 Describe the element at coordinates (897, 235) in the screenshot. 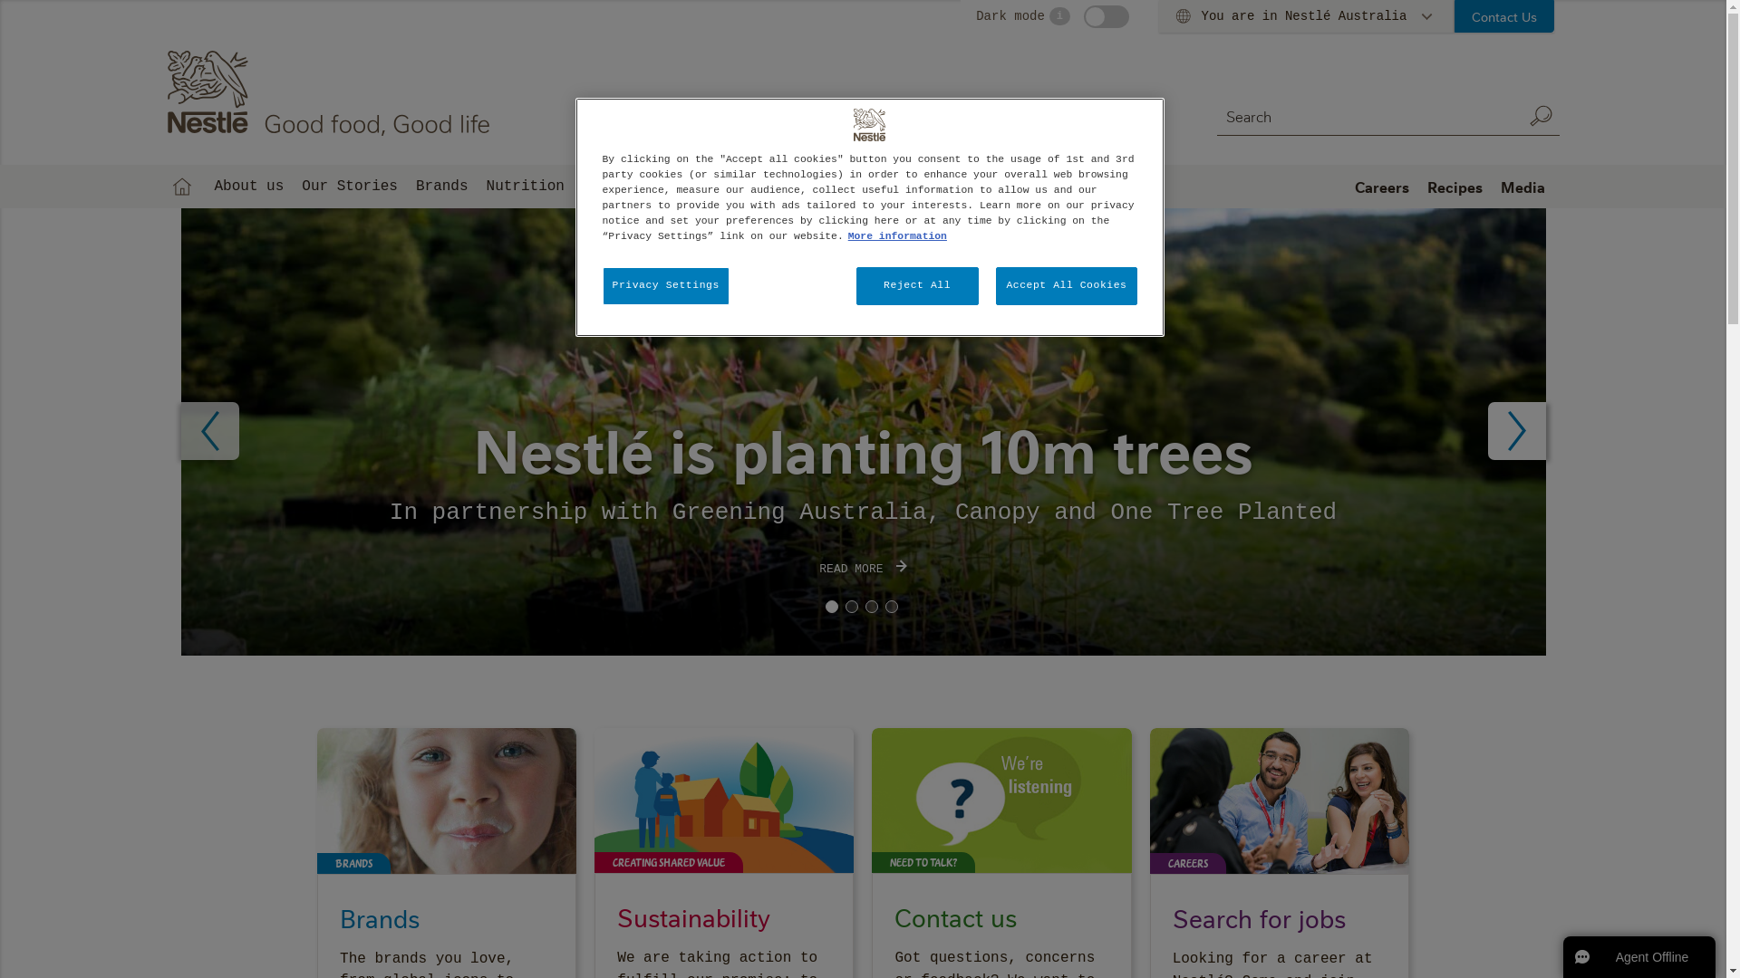

I see `'More information'` at that location.